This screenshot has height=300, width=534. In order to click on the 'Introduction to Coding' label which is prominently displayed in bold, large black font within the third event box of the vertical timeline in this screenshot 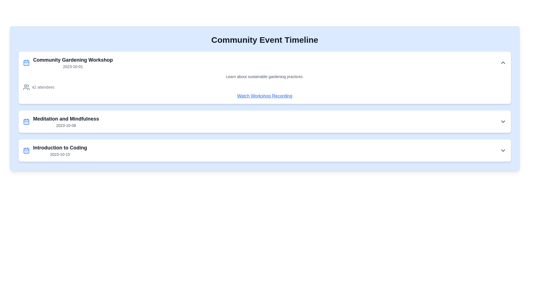, I will do `click(60, 147)`.